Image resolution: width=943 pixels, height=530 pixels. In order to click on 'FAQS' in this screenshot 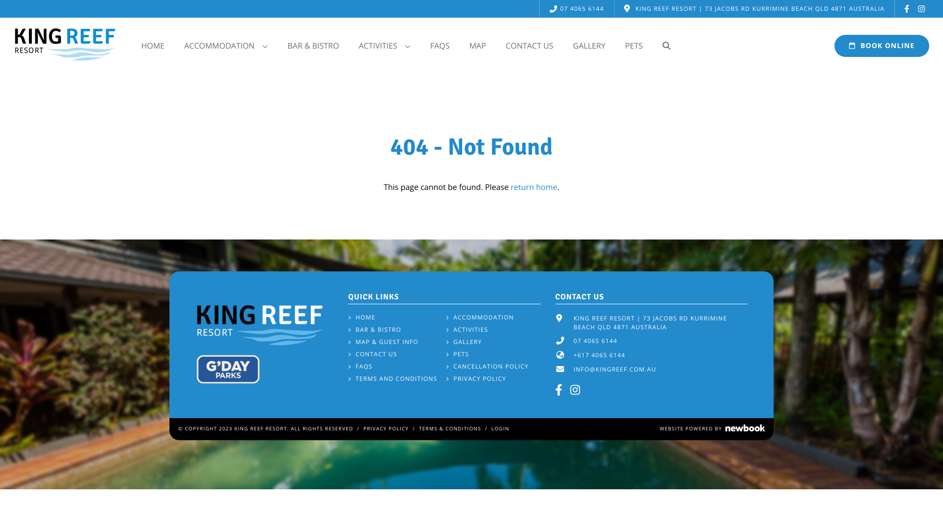, I will do `click(440, 45)`.